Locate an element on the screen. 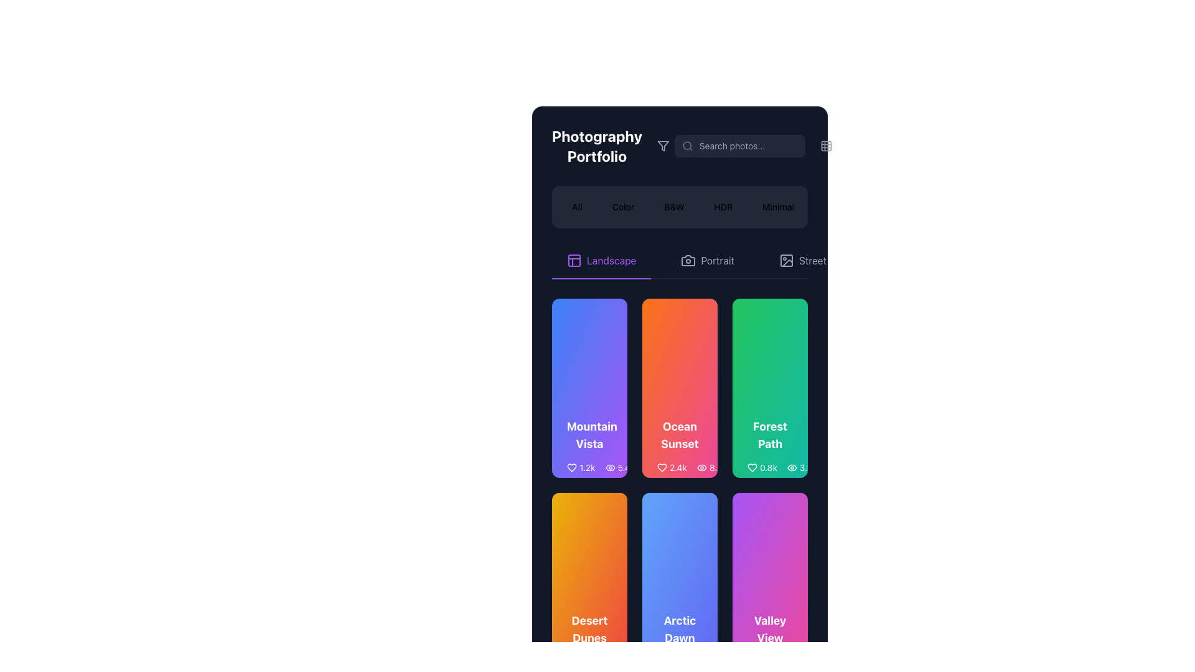 The height and width of the screenshot is (672, 1195). the grid layout toggle icon located in the top-right corner of the application's interface is located at coordinates (826, 146).